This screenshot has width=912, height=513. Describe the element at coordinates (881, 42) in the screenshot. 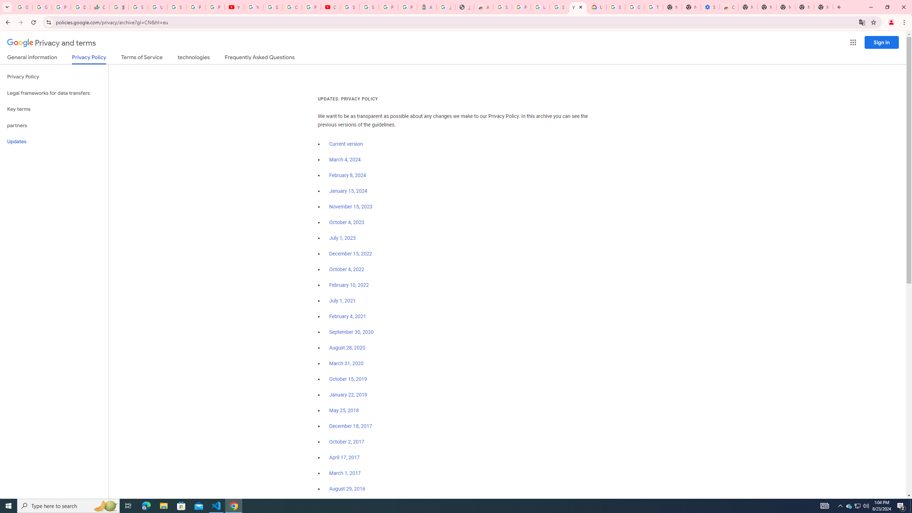

I see `'Sign in'` at that location.